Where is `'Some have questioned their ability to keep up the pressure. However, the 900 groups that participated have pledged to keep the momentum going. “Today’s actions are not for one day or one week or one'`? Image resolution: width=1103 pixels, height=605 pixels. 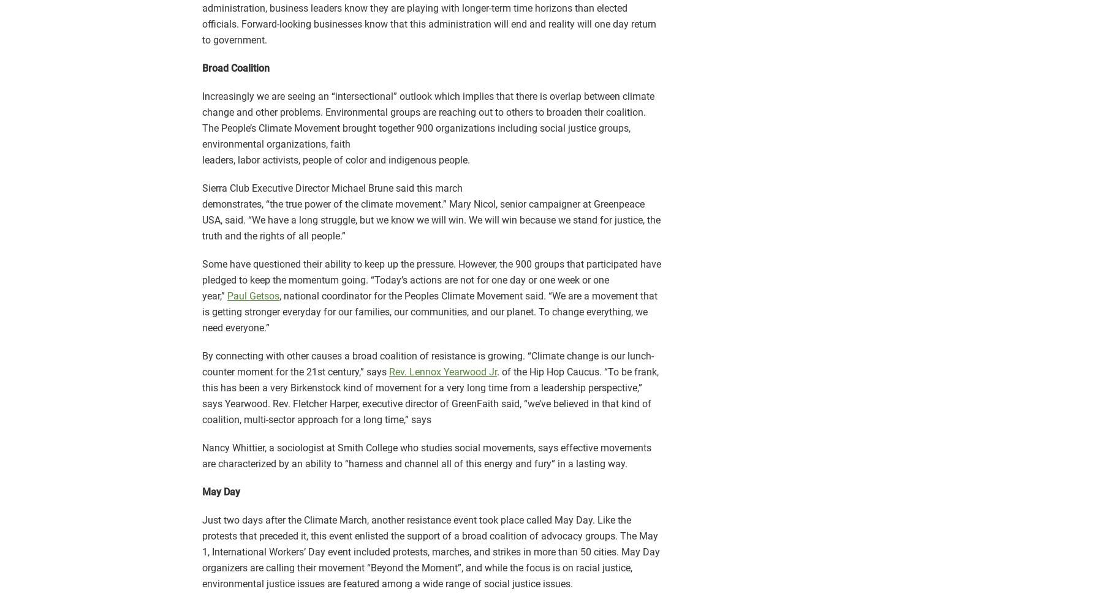
'Some have questioned their ability to keep up the pressure. However, the 900 groups that participated have pledged to keep the momentum going. “Today’s actions are not for one day or one week or one' is located at coordinates (431, 272).